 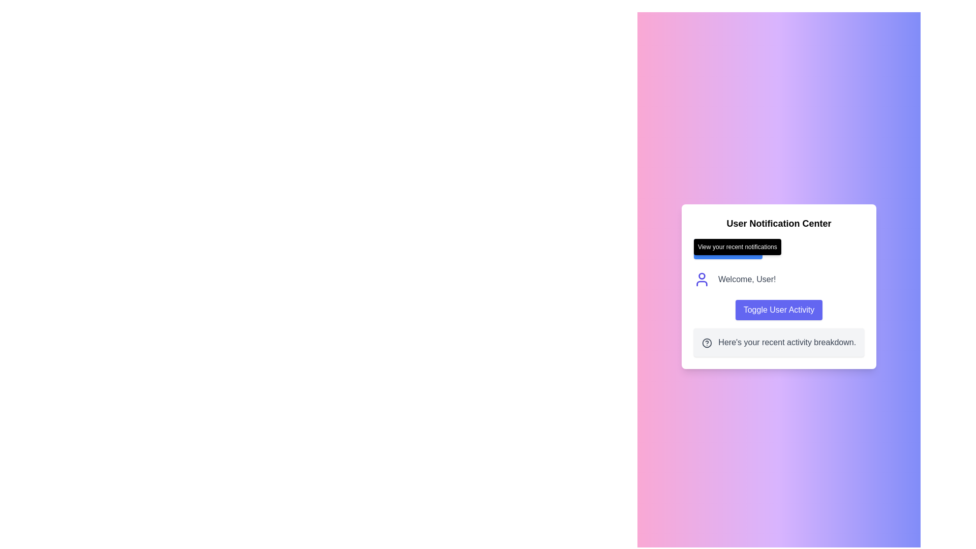 What do you see at coordinates (703, 249) in the screenshot?
I see `the bell-shaped icon that is part of the 'Notifications' button` at bounding box center [703, 249].